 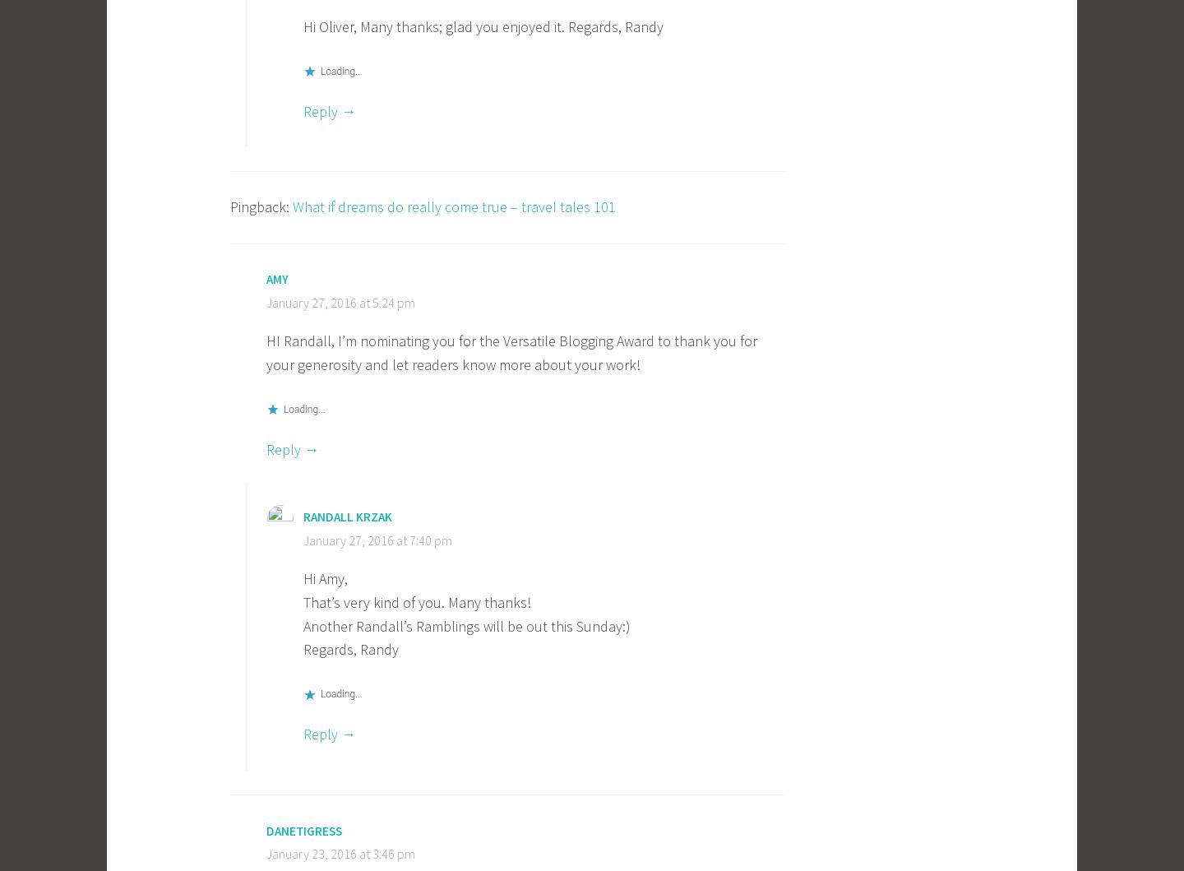 What do you see at coordinates (325, 577) in the screenshot?
I see `'Hi Amy,'` at bounding box center [325, 577].